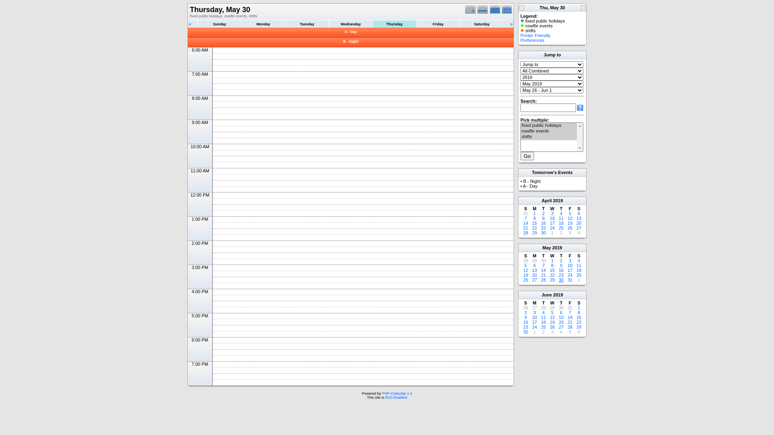 The image size is (774, 435). Describe the element at coordinates (549, 279) in the screenshot. I see `'29'` at that location.